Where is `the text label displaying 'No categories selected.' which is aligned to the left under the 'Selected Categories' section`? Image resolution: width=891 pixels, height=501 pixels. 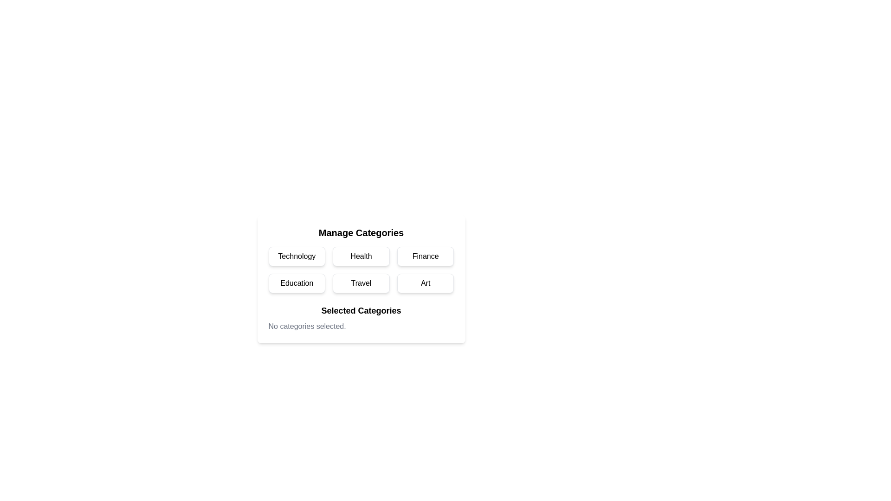
the text label displaying 'No categories selected.' which is aligned to the left under the 'Selected Categories' section is located at coordinates (307, 326).